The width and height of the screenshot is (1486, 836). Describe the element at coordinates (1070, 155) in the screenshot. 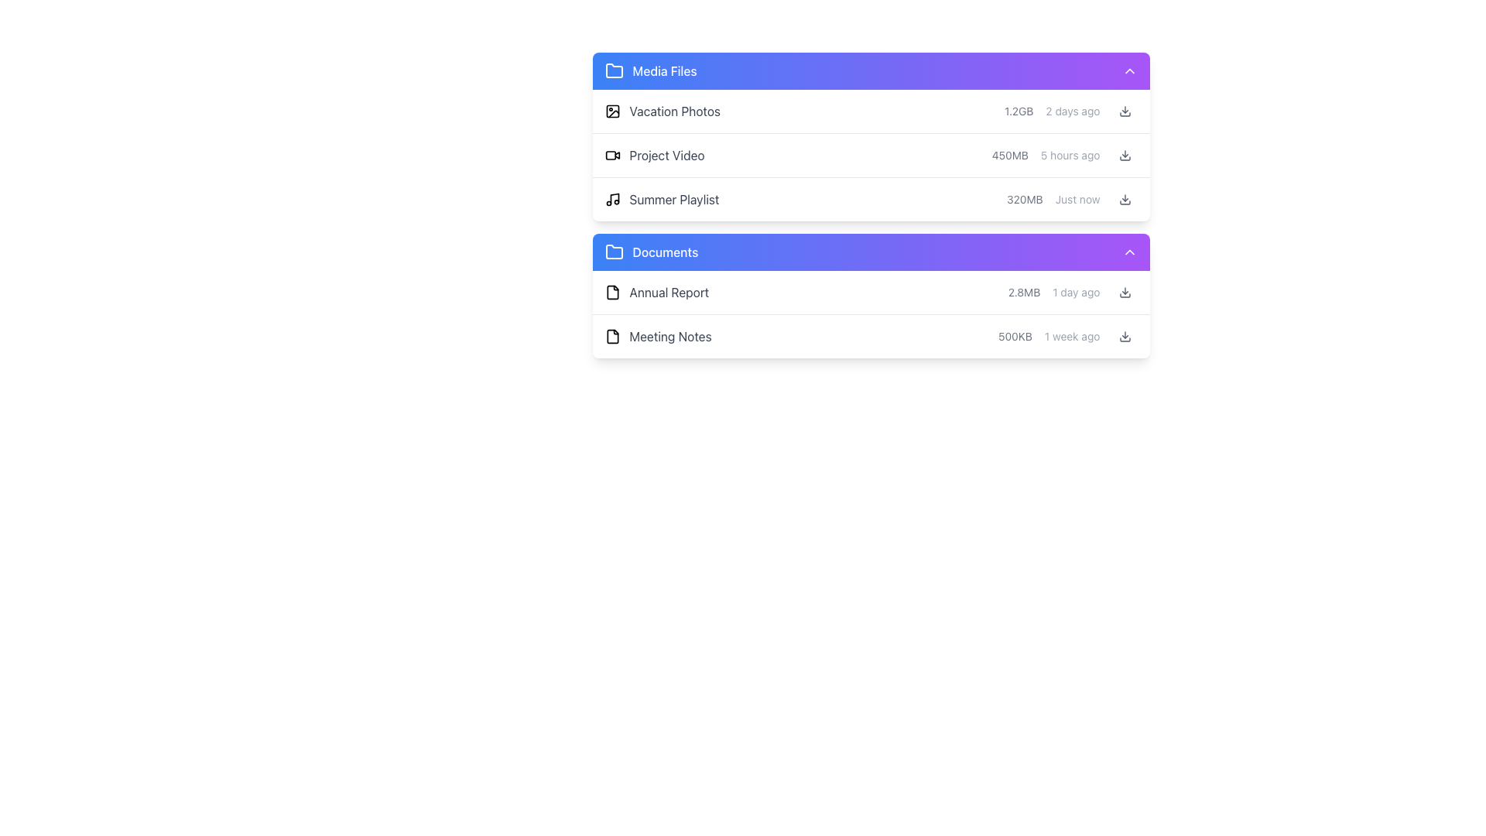

I see `the static text label that indicates when the associated file was last modified or uploaded, located immediately to the right of '450MB' and to the left of the download button icon in the 'Media Files' group` at that location.